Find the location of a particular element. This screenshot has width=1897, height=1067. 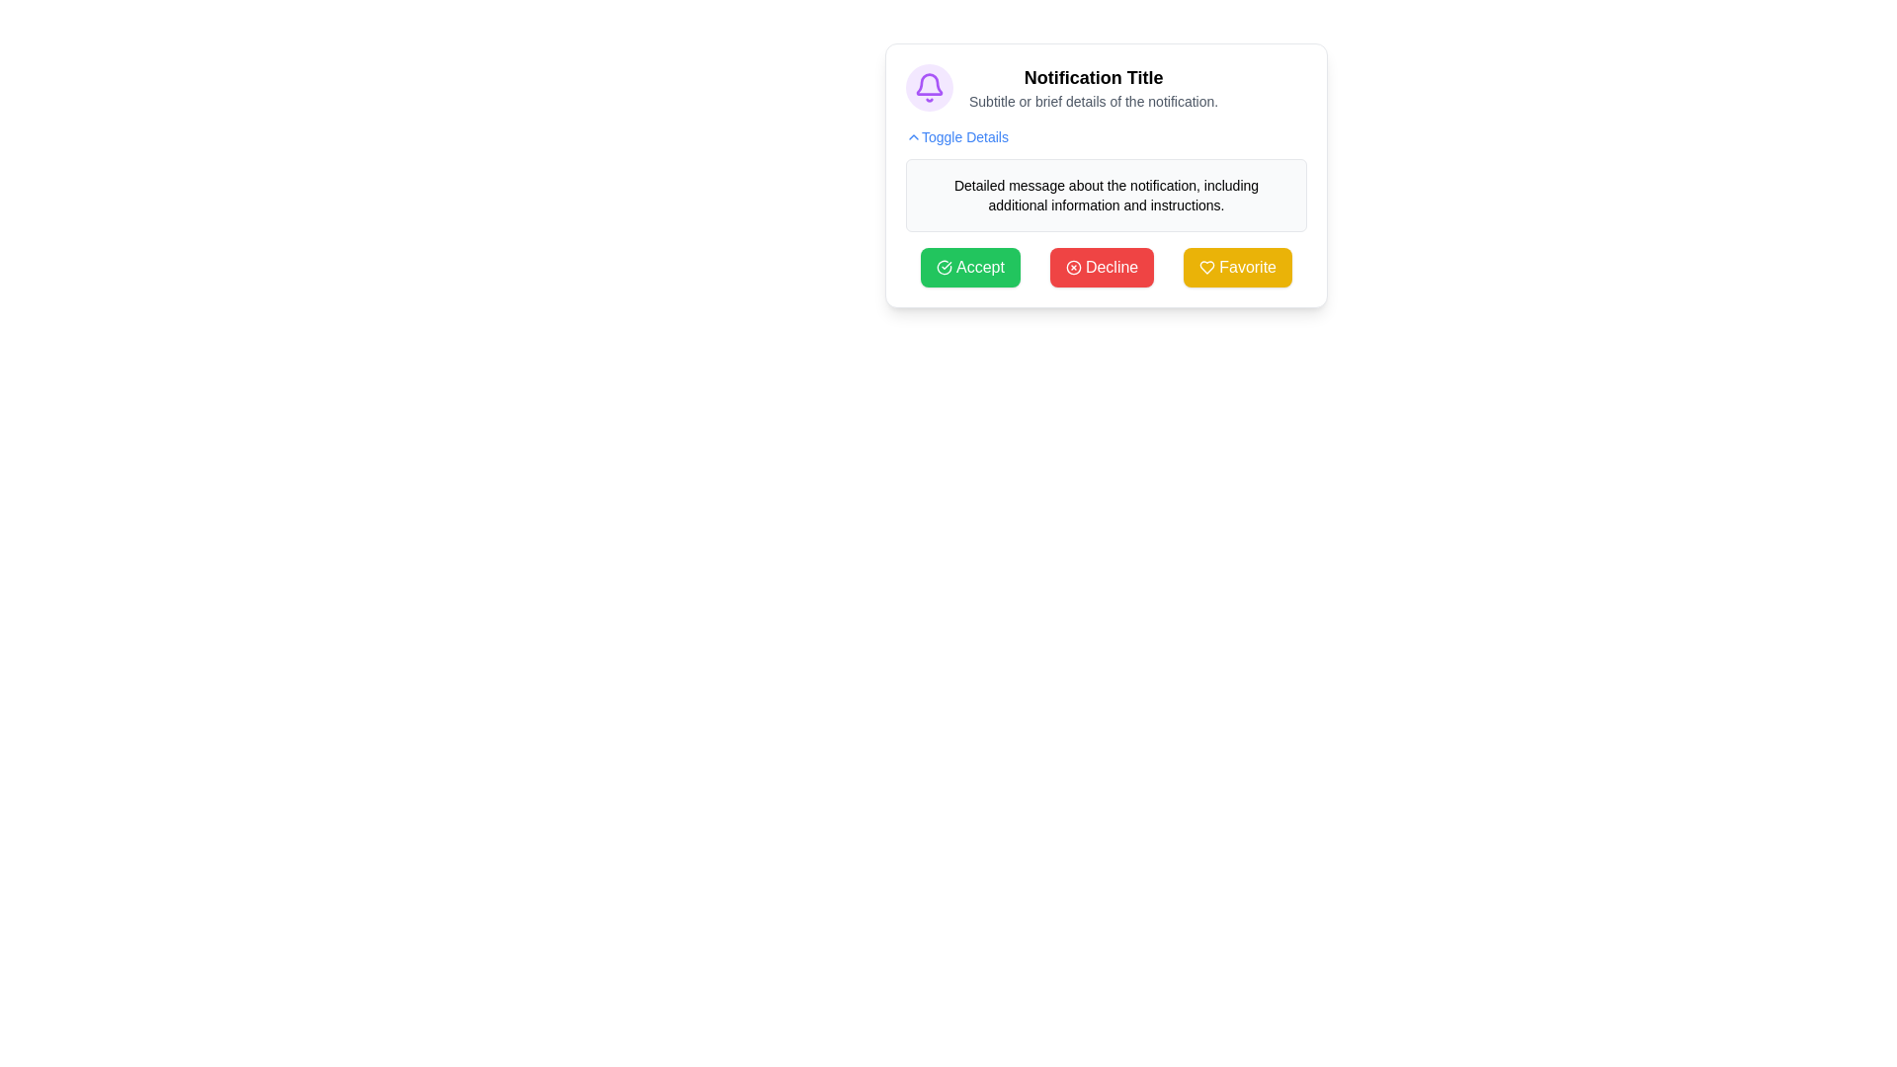

the heart icon located to the left of the 'Favorite' text in the yellow button at the bottom right of the notification card is located at coordinates (1206, 267).